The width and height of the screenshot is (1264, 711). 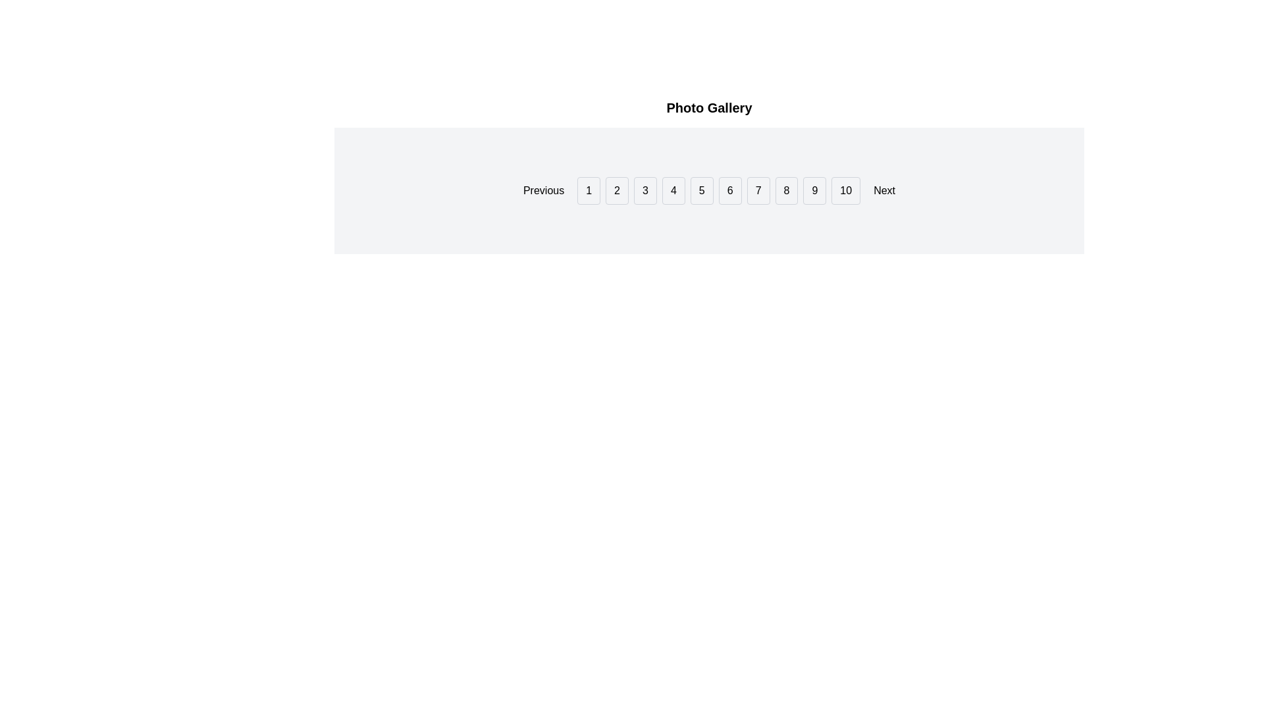 I want to click on the button labeled '3' in the navigation bar, so click(x=645, y=190).